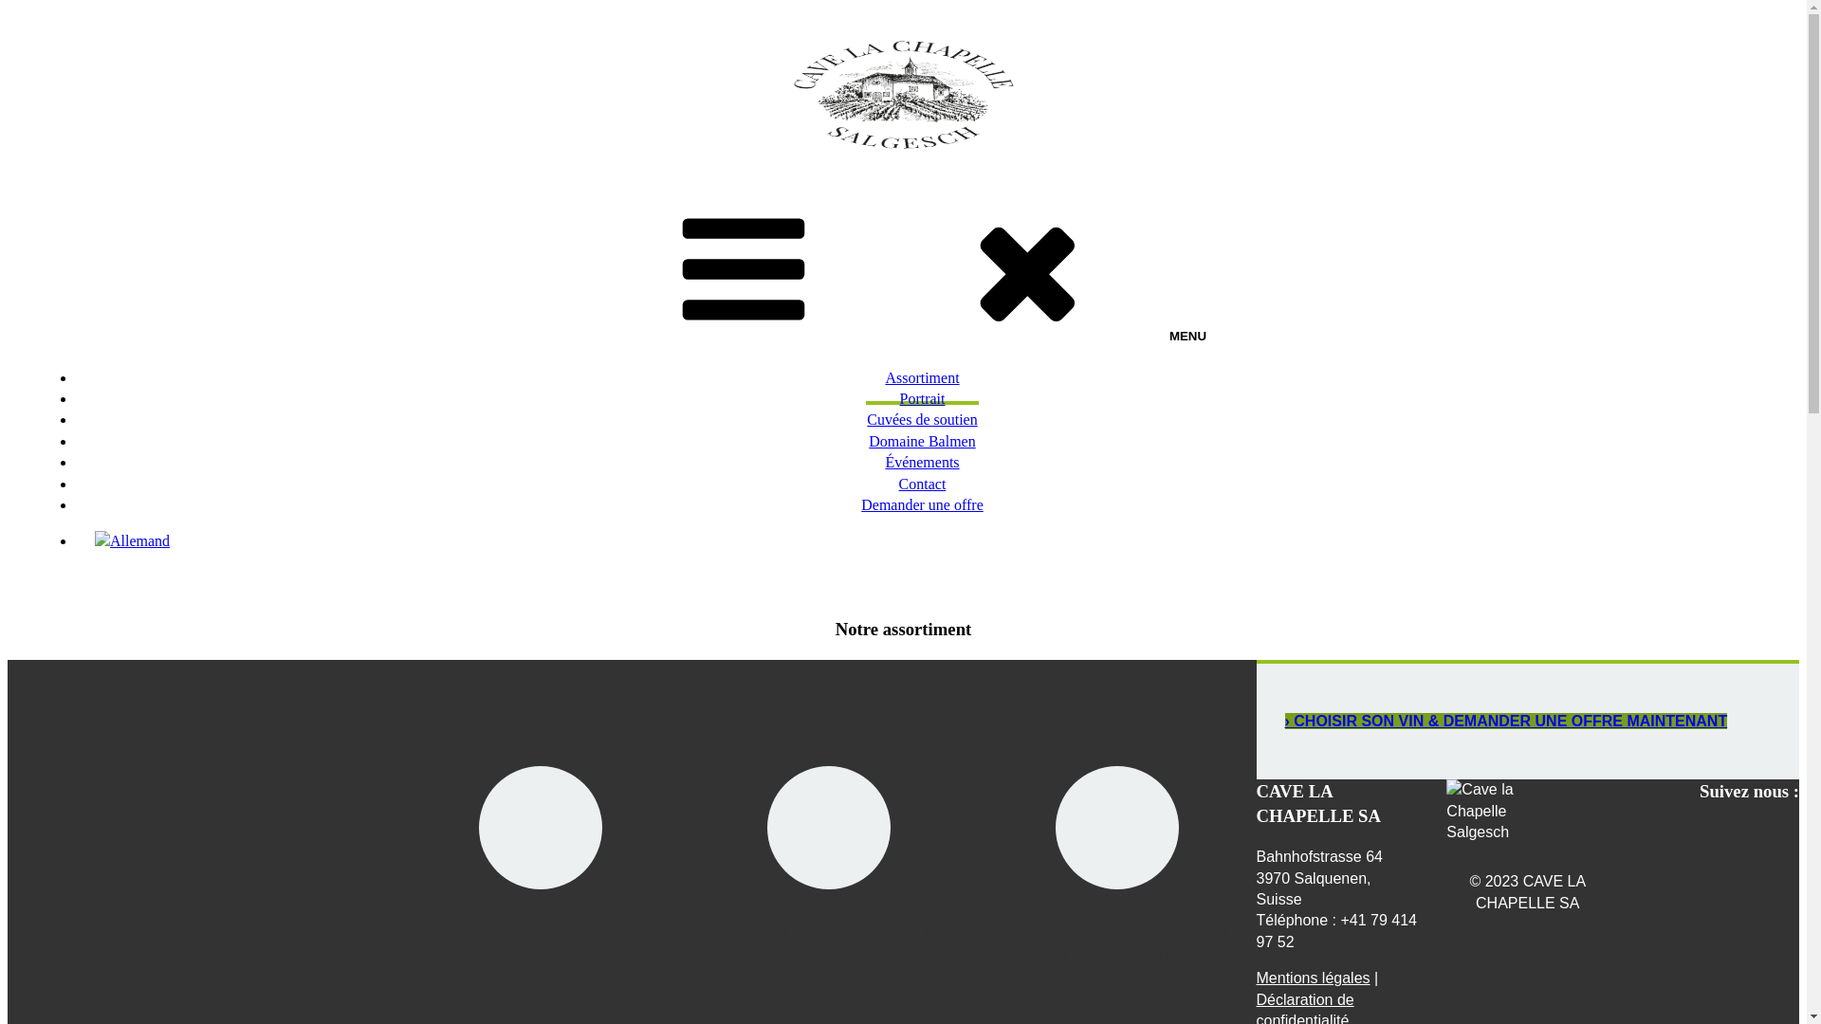 The image size is (1821, 1024). I want to click on 'MENU', so click(902, 269).